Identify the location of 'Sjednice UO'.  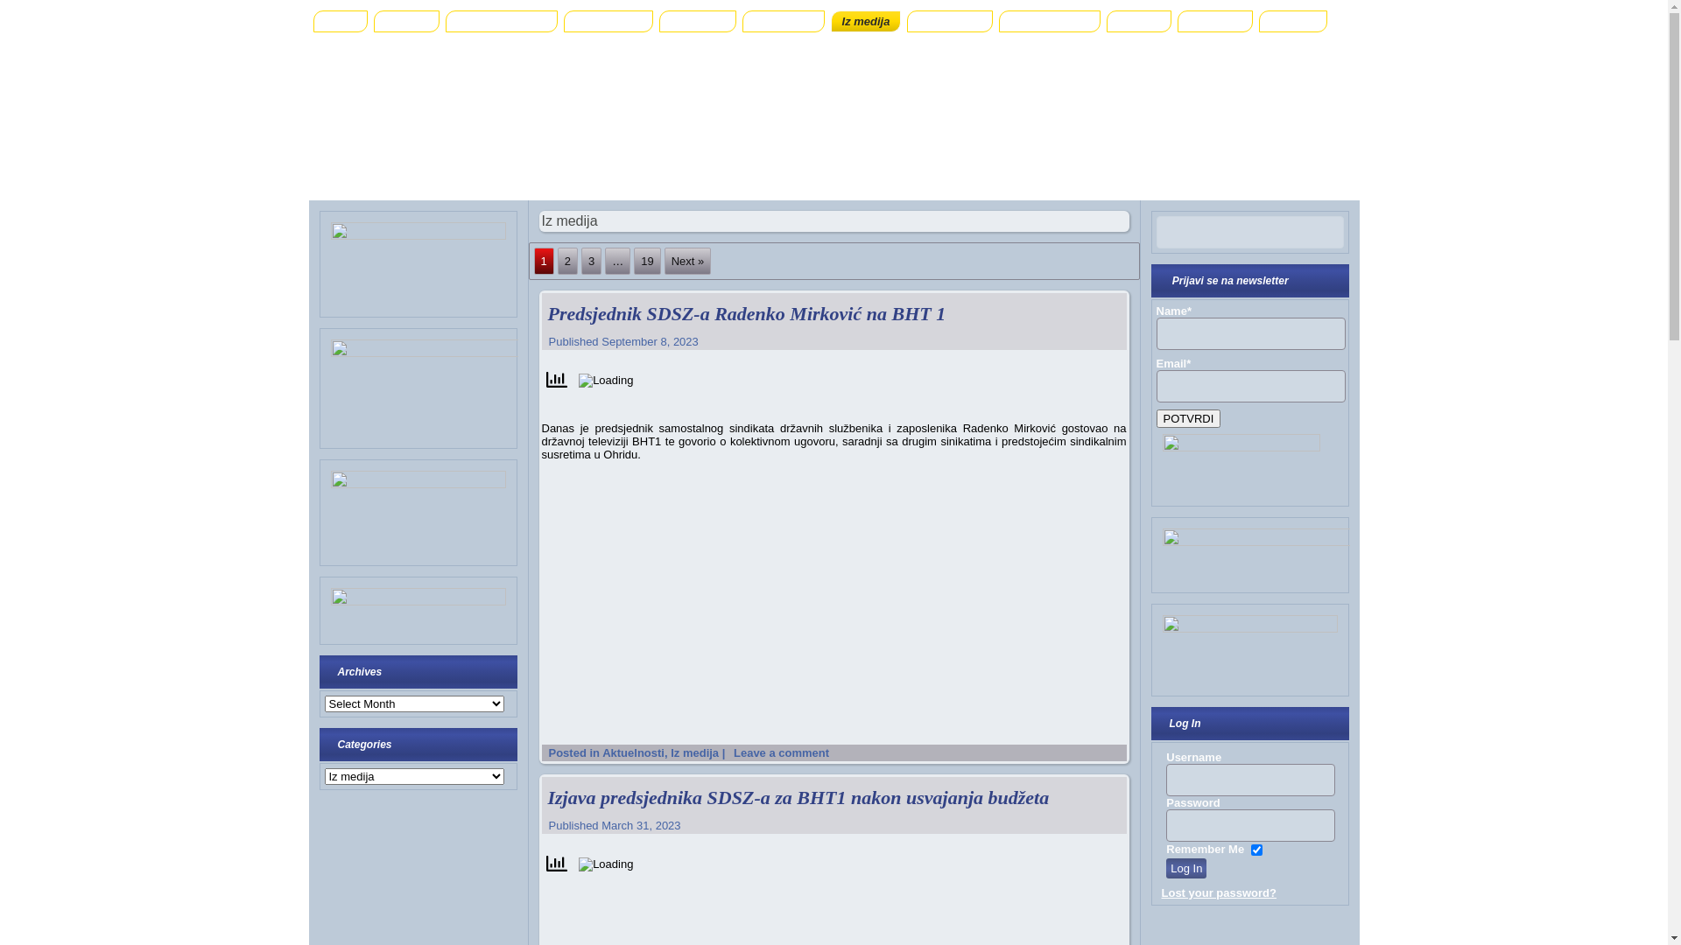
(608, 21).